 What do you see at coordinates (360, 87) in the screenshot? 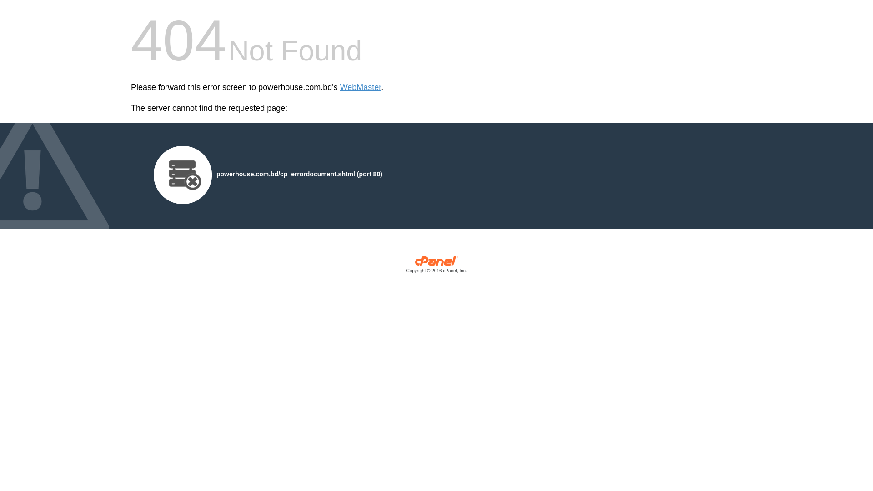
I see `'WebMaster'` at bounding box center [360, 87].